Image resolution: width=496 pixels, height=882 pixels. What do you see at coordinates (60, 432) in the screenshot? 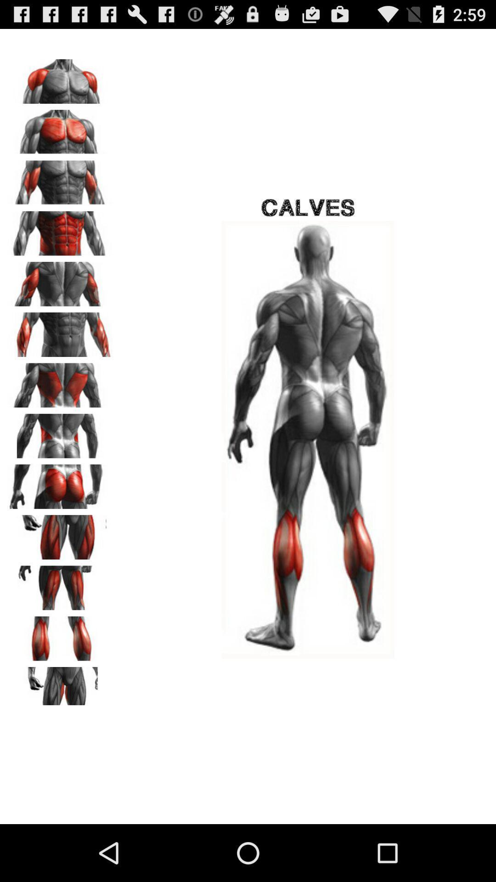
I see `advertisement` at bounding box center [60, 432].